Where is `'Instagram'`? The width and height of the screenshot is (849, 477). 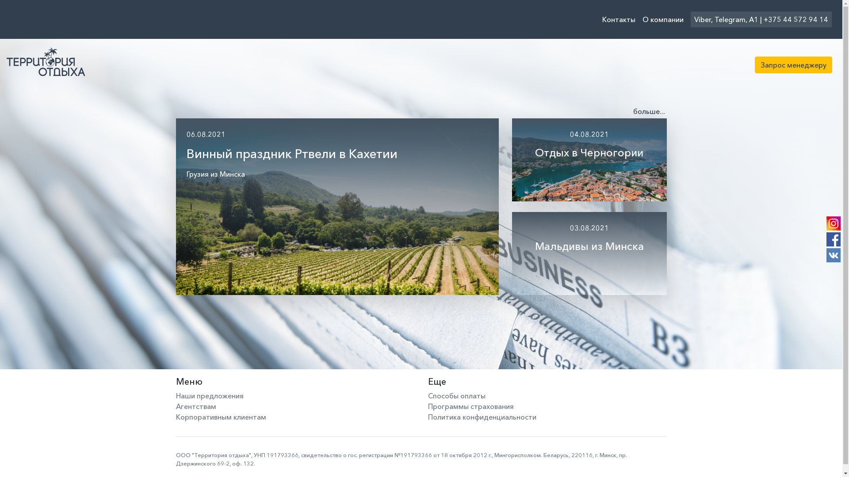
'Instagram' is located at coordinates (833, 223).